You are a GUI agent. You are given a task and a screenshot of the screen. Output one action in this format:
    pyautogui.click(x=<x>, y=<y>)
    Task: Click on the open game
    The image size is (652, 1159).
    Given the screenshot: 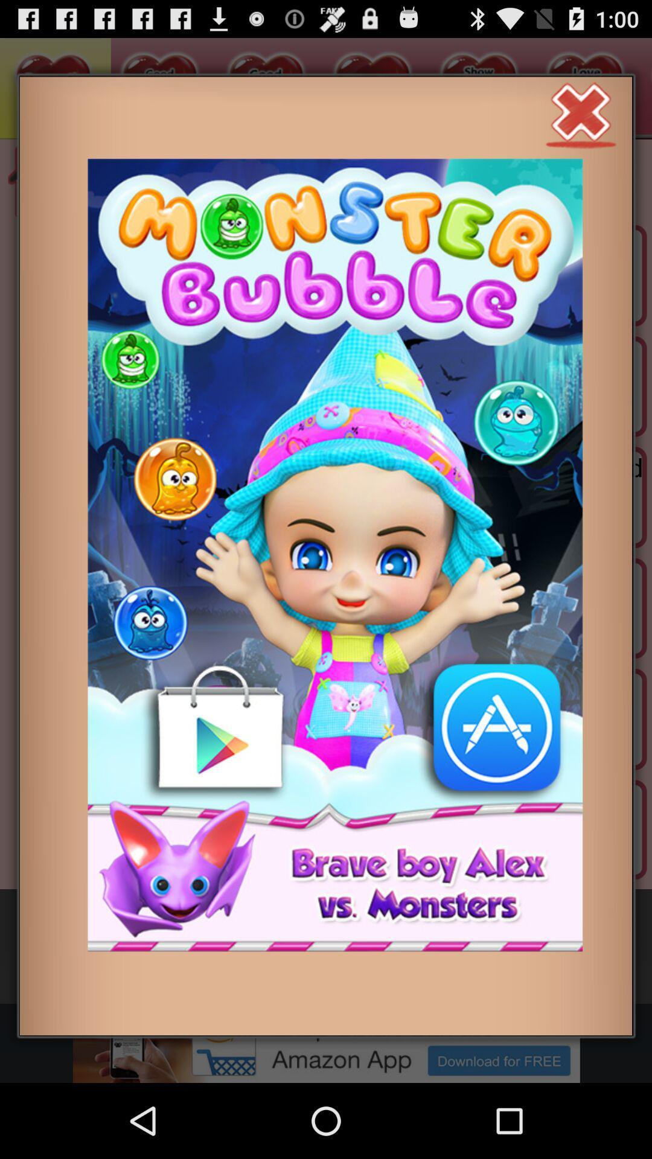 What is the action you would take?
    pyautogui.click(x=335, y=554)
    